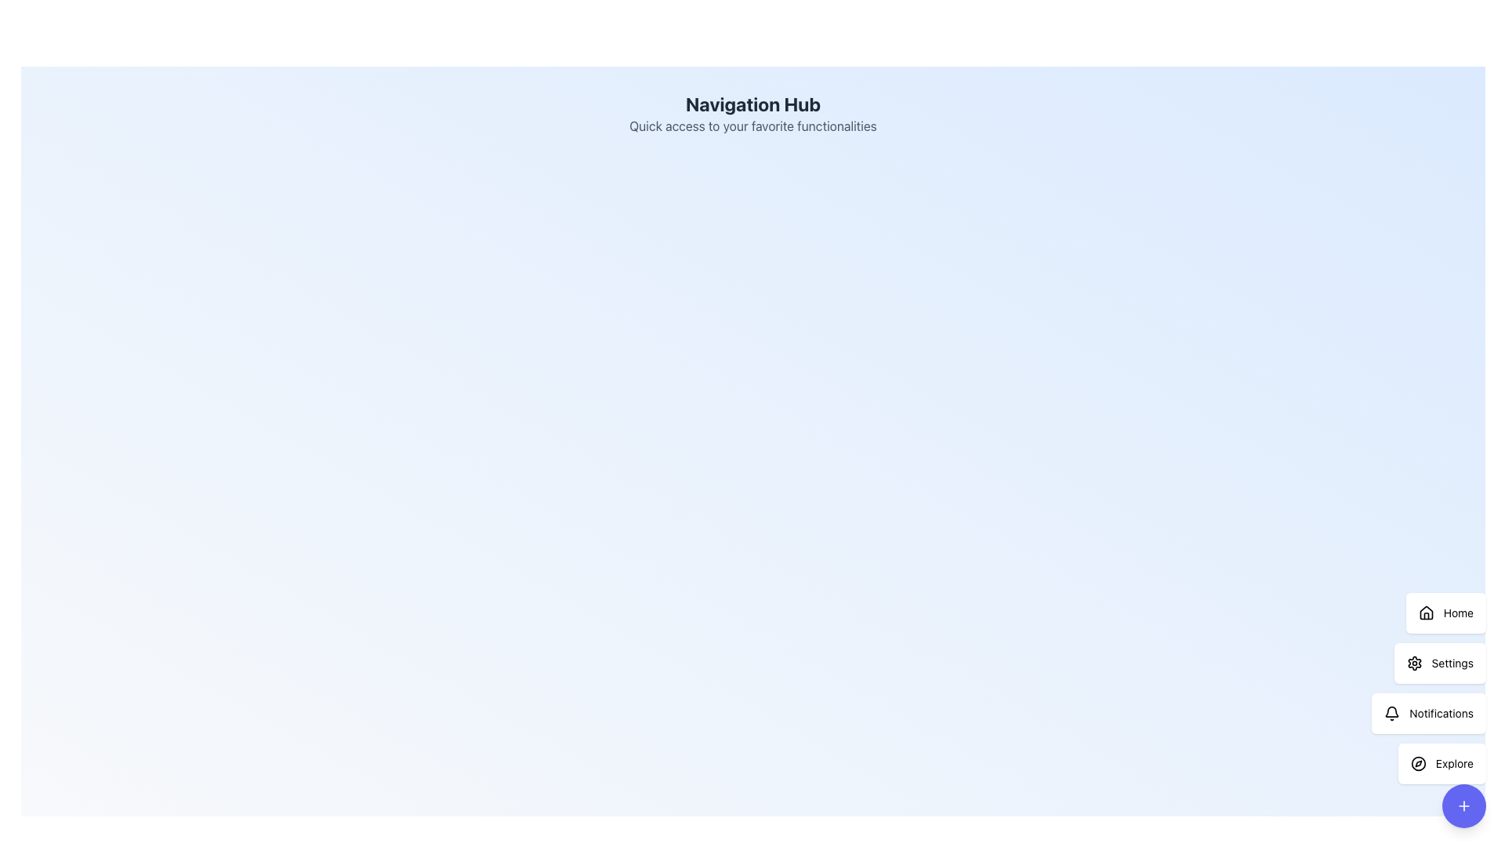 Image resolution: width=1505 pixels, height=847 pixels. I want to click on the 'Settings' button, which is a rounded rectangular button with a white background and a gear-shaped icon, located in the second position of a vertical stack of buttons, so click(1440, 663).